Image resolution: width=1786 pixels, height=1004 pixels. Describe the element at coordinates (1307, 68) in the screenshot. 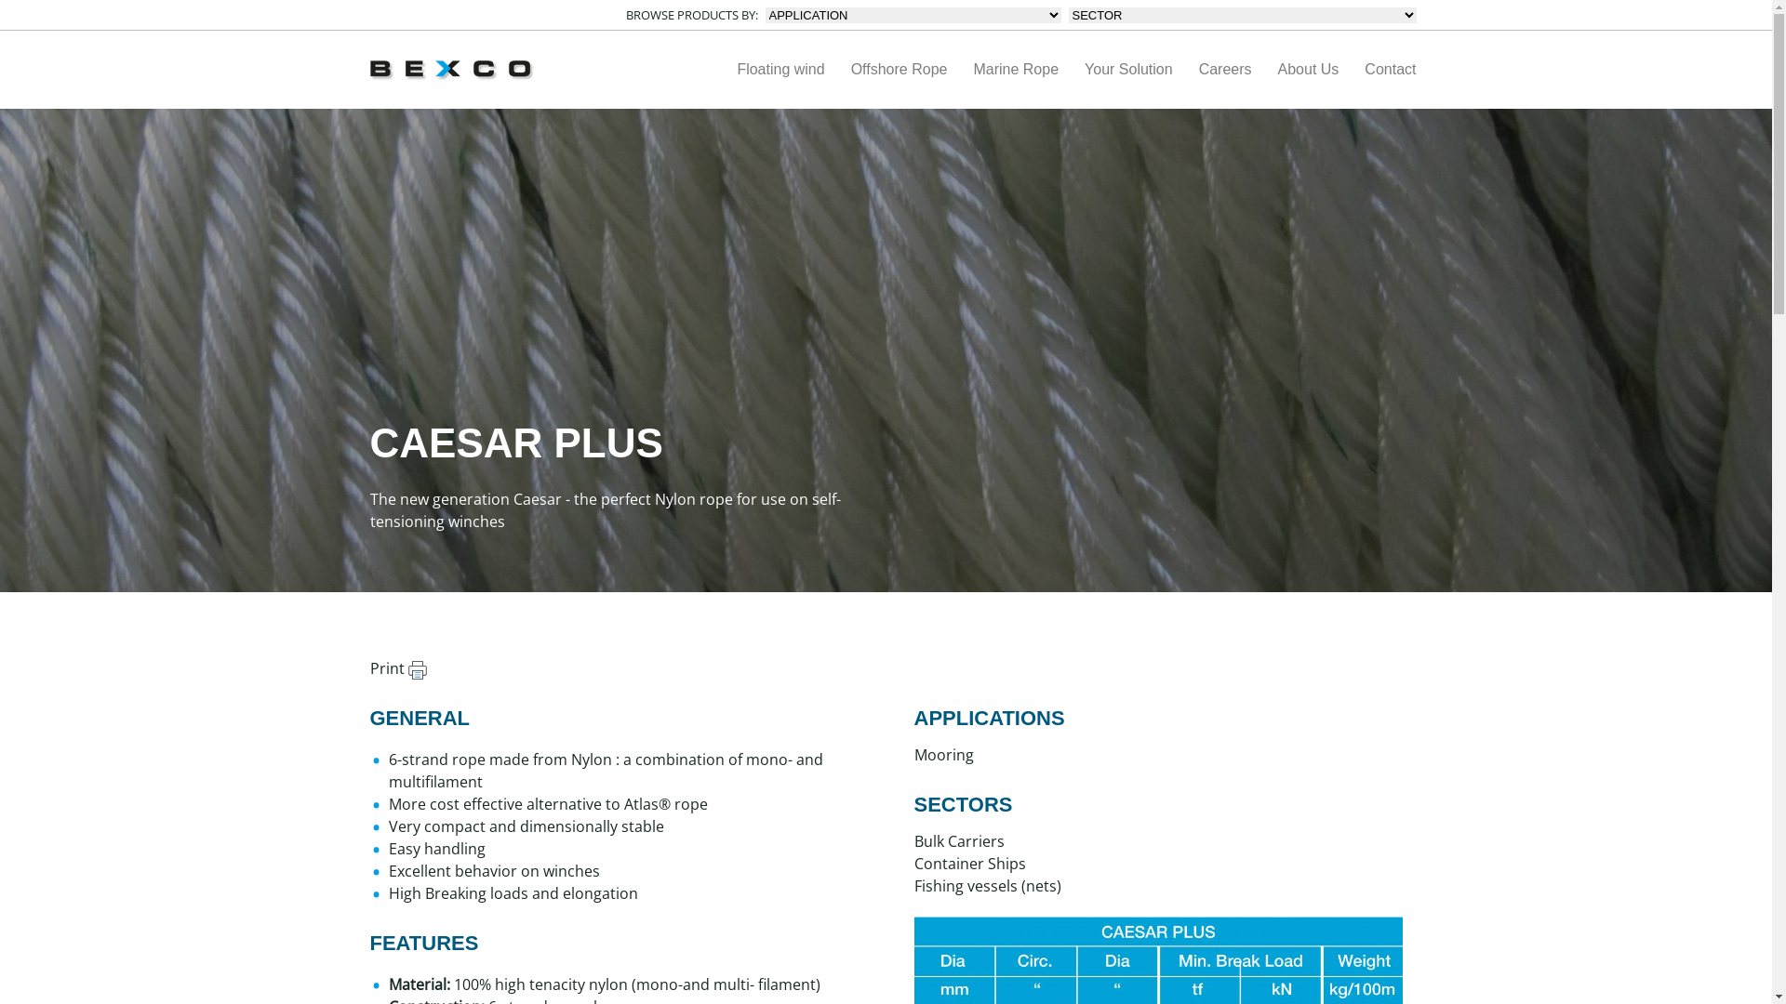

I see `'About Us'` at that location.